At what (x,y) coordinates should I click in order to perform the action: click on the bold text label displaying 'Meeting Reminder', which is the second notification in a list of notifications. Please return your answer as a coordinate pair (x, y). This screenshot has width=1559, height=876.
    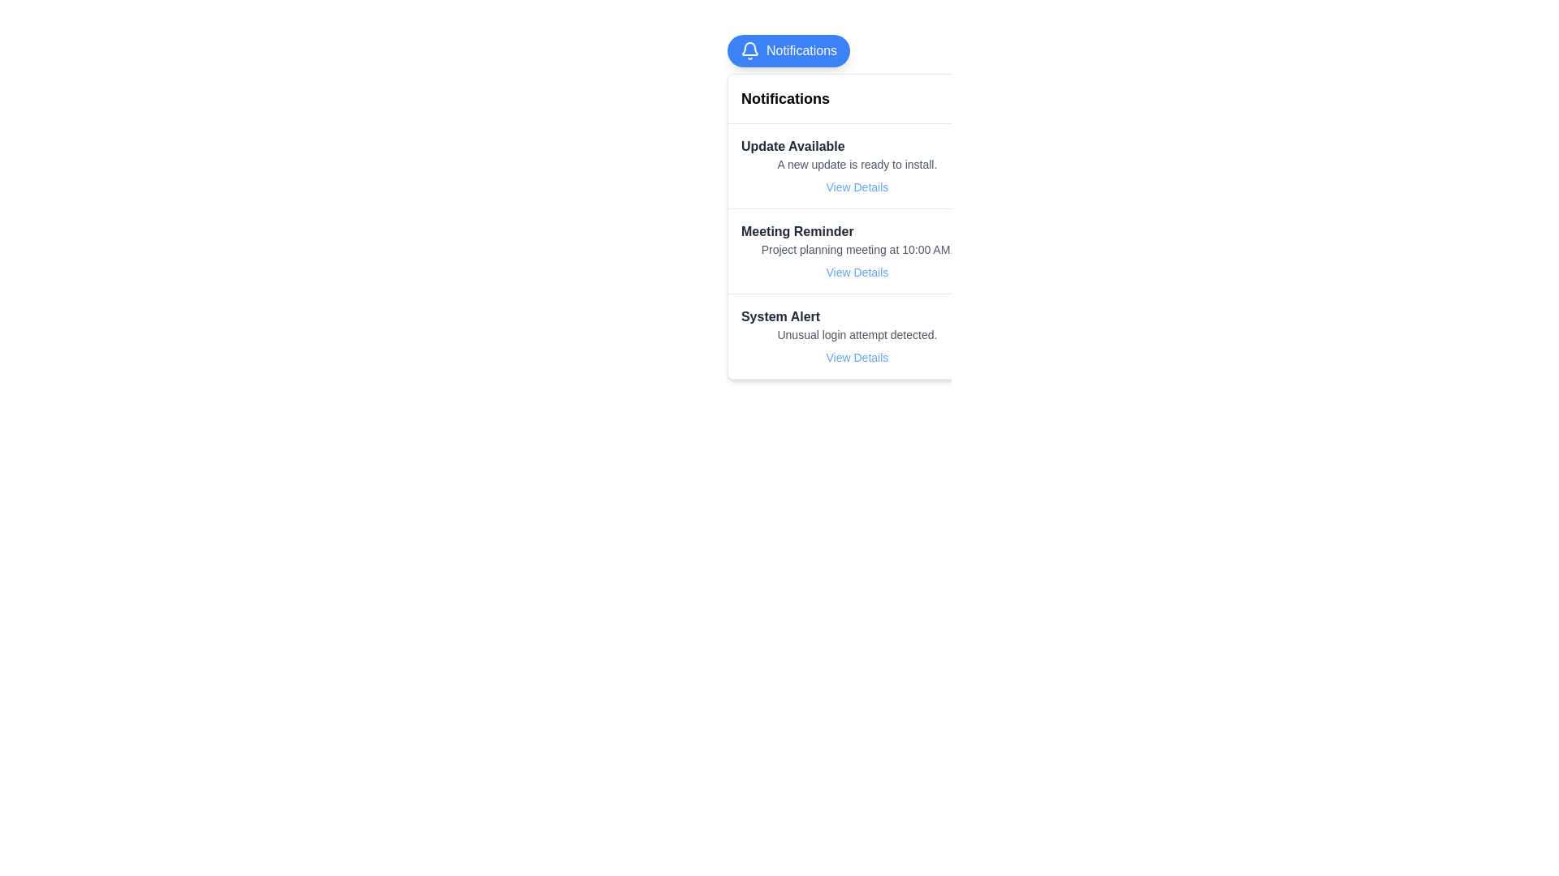
    Looking at the image, I should click on (797, 231).